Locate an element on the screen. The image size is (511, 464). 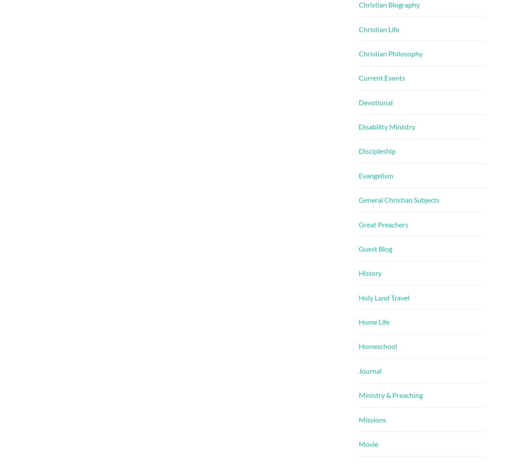
'Devotional' is located at coordinates (375, 102).